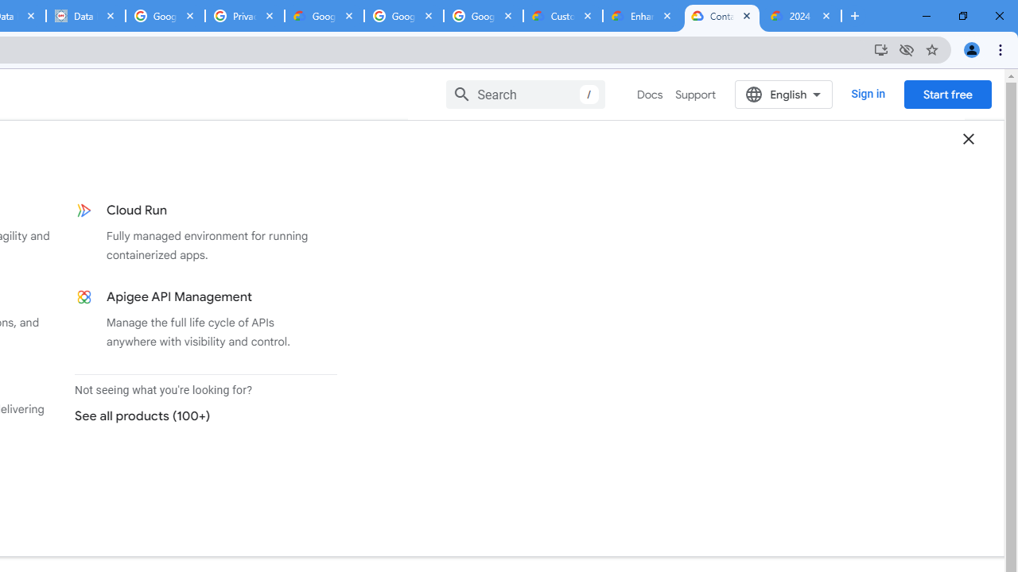 The width and height of the screenshot is (1018, 572). What do you see at coordinates (84, 16) in the screenshot?
I see `'Data Privacy Framework'` at bounding box center [84, 16].